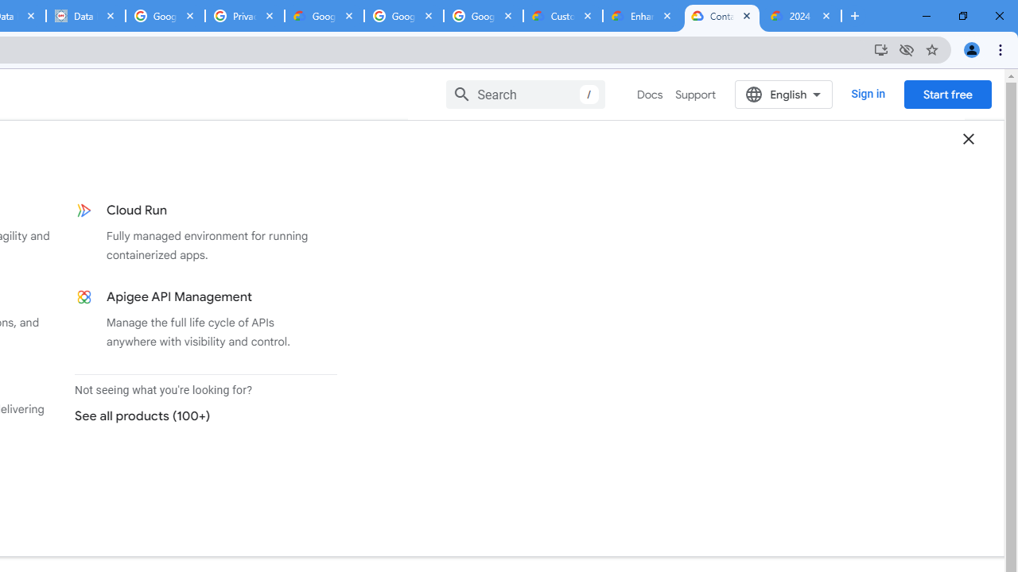 The width and height of the screenshot is (1018, 572). What do you see at coordinates (84, 16) in the screenshot?
I see `'Data Privacy Framework'` at bounding box center [84, 16].